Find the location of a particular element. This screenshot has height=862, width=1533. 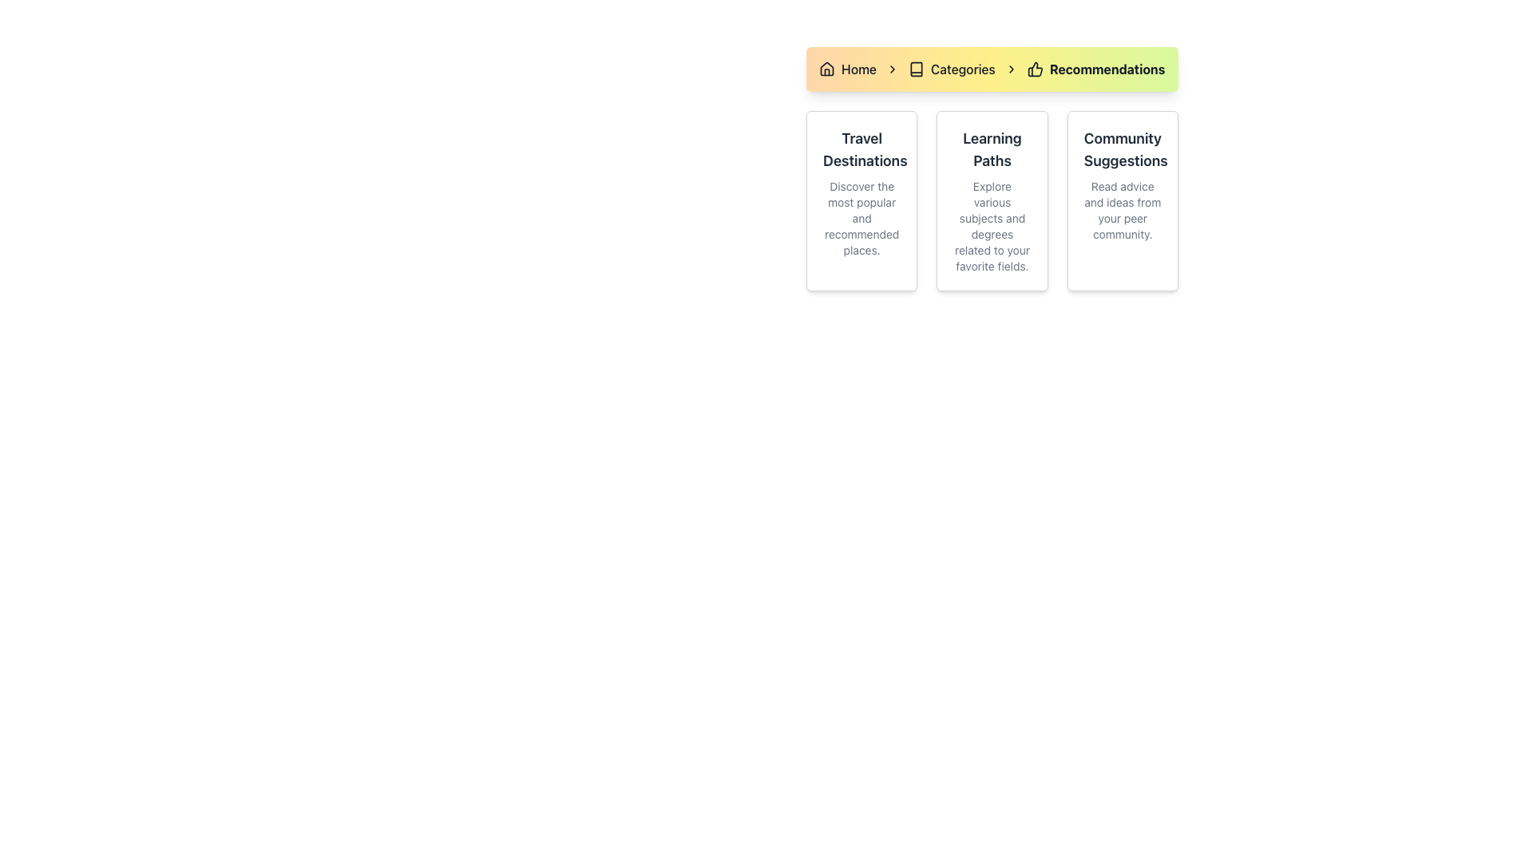

the Text Header element that displays 'Learning' and 'Paths', which is styled in a larger bold font, located in the center of the second column of a three-column card grid is located at coordinates (992, 150).